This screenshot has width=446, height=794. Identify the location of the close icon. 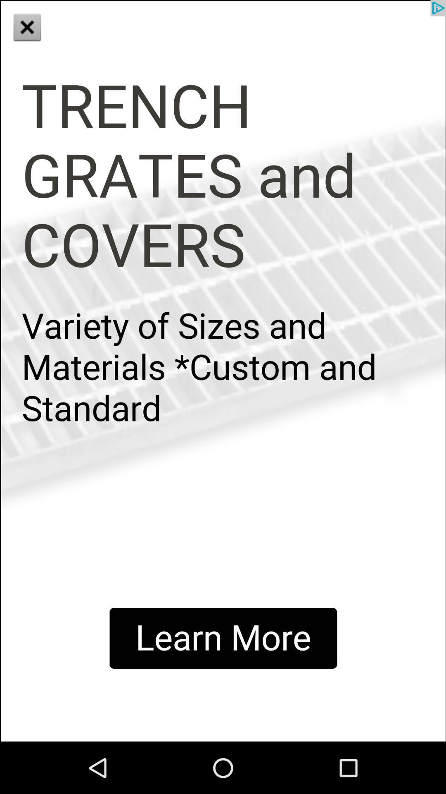
(26, 29).